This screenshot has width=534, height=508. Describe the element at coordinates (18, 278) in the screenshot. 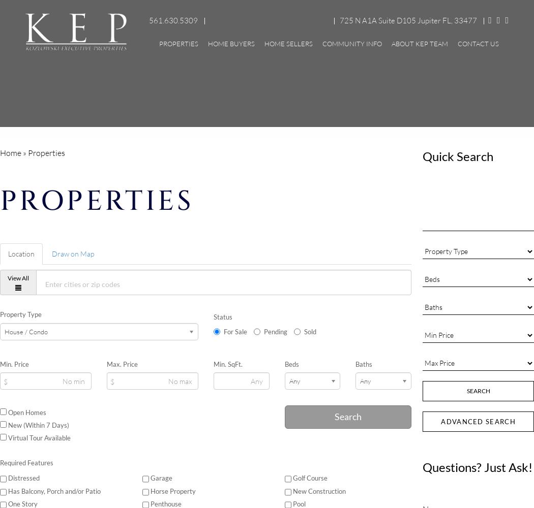

I see `'View All'` at that location.